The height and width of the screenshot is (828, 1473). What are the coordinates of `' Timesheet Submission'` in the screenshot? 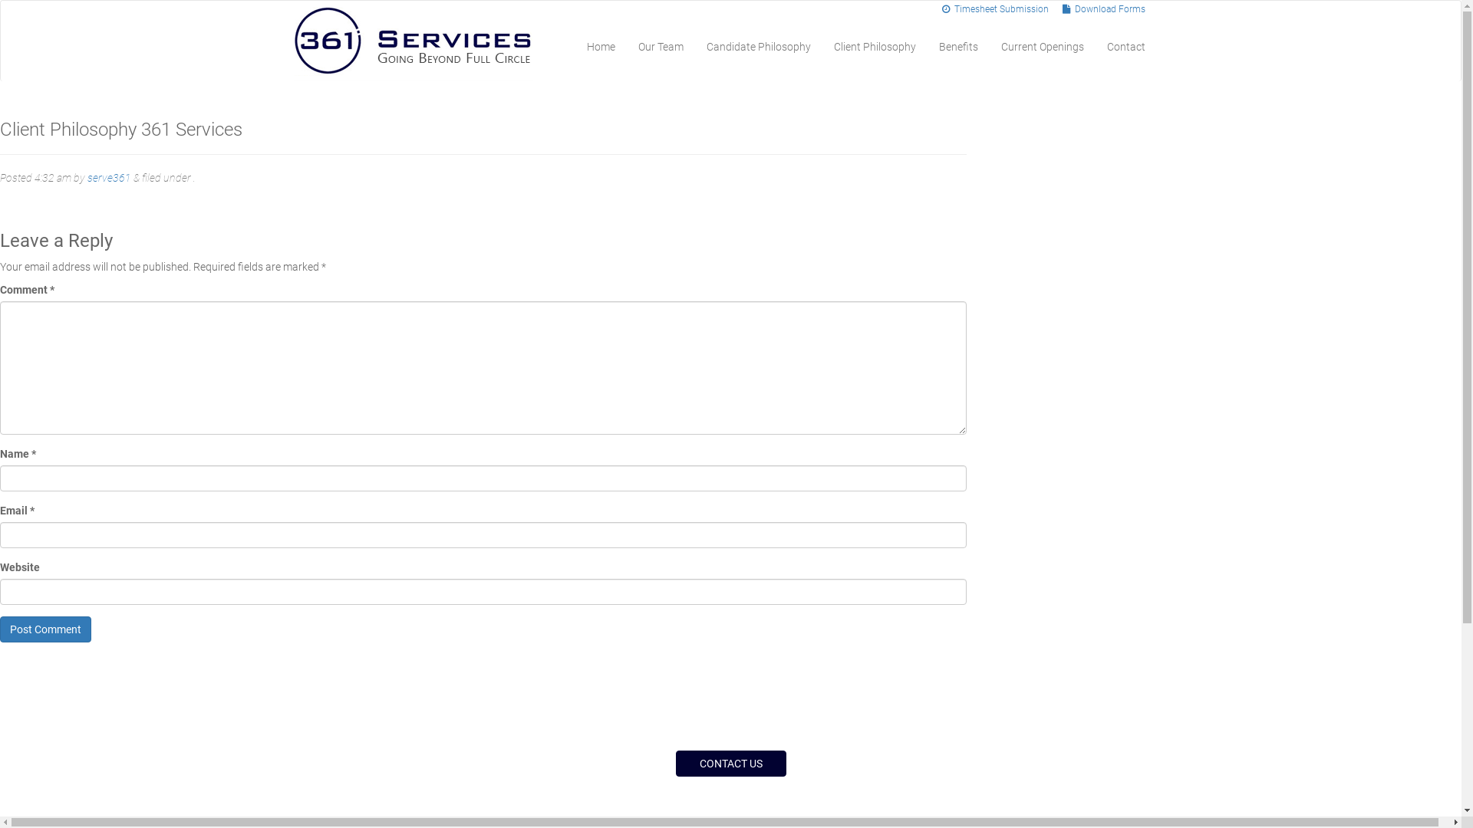 It's located at (1001, 8).